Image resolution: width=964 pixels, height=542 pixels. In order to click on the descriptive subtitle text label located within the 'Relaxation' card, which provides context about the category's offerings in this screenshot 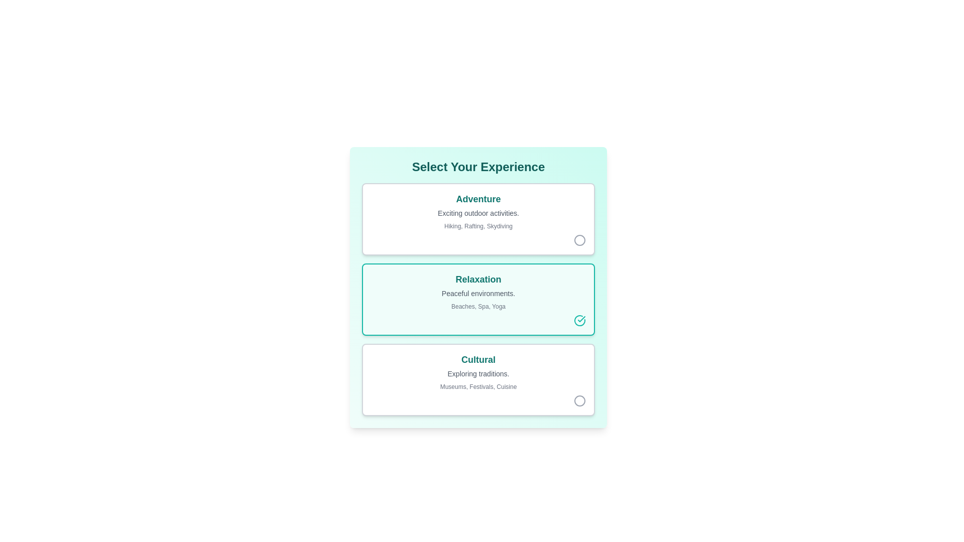, I will do `click(478, 294)`.